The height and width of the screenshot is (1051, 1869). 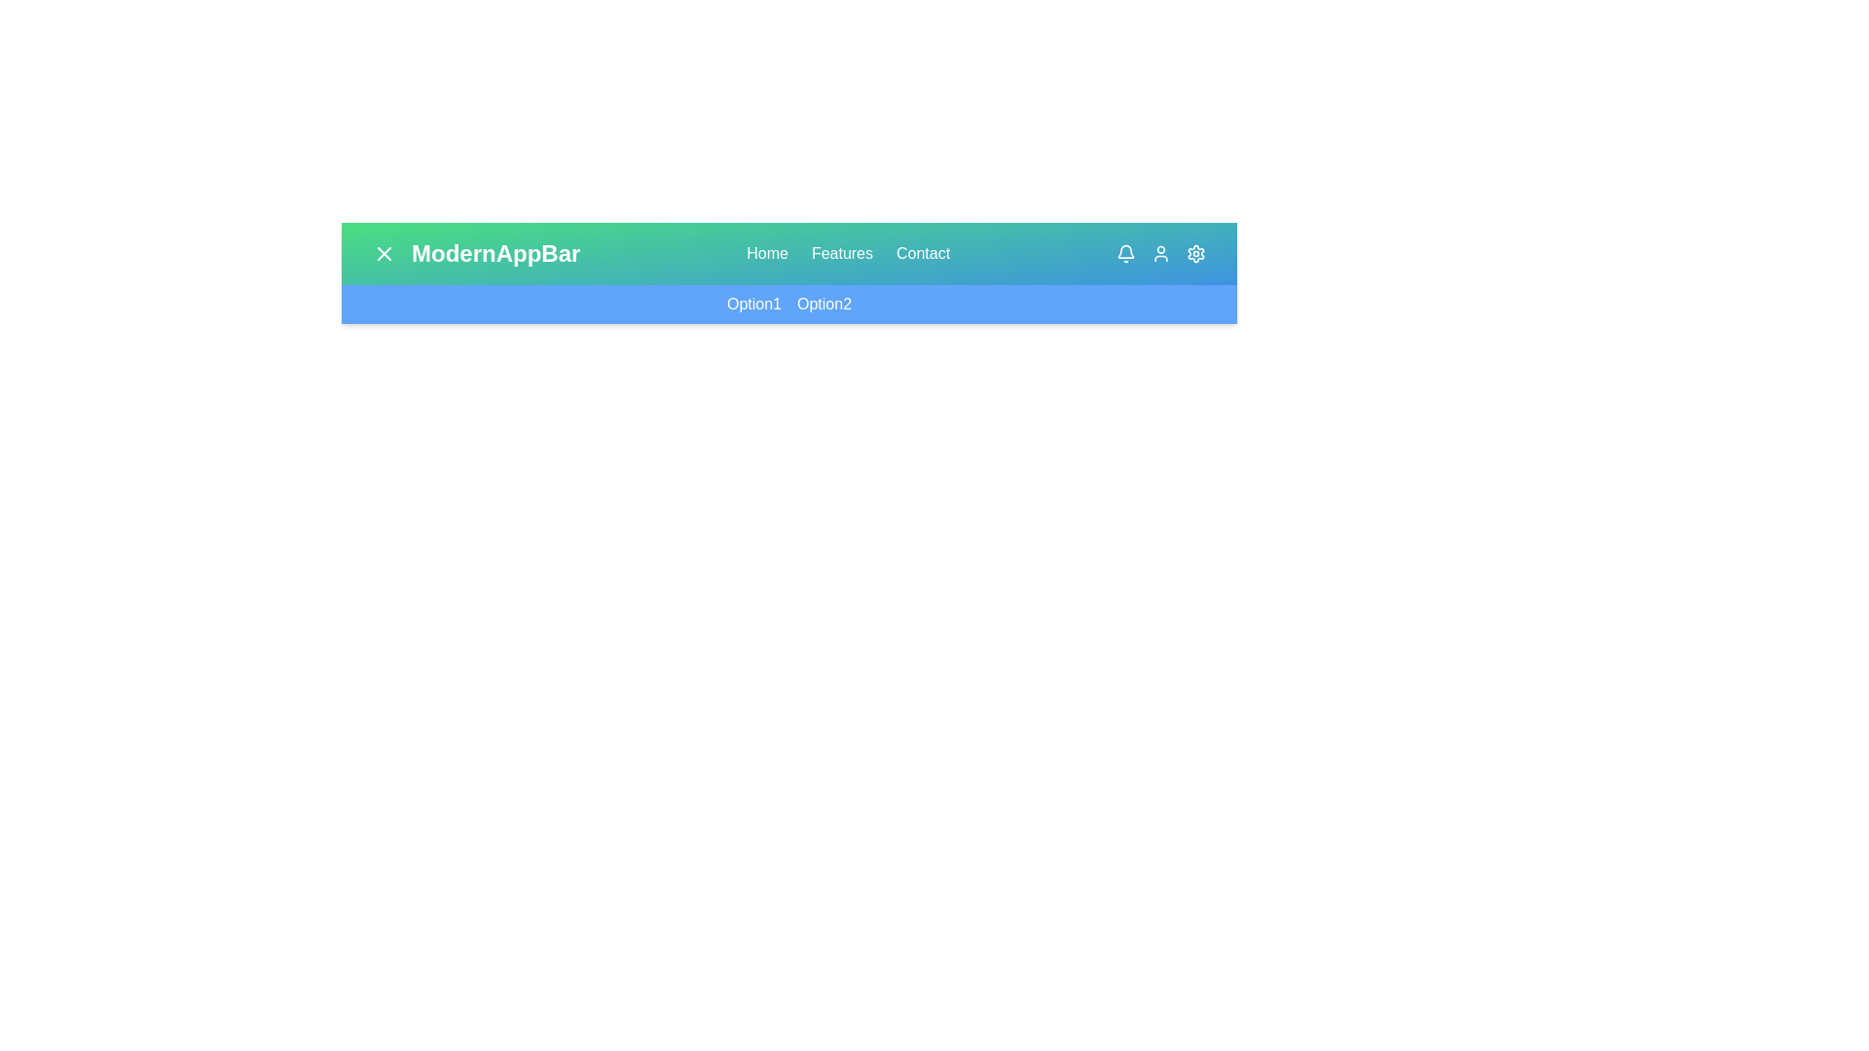 I want to click on the Settings in the top-right corner, so click(x=1194, y=253).